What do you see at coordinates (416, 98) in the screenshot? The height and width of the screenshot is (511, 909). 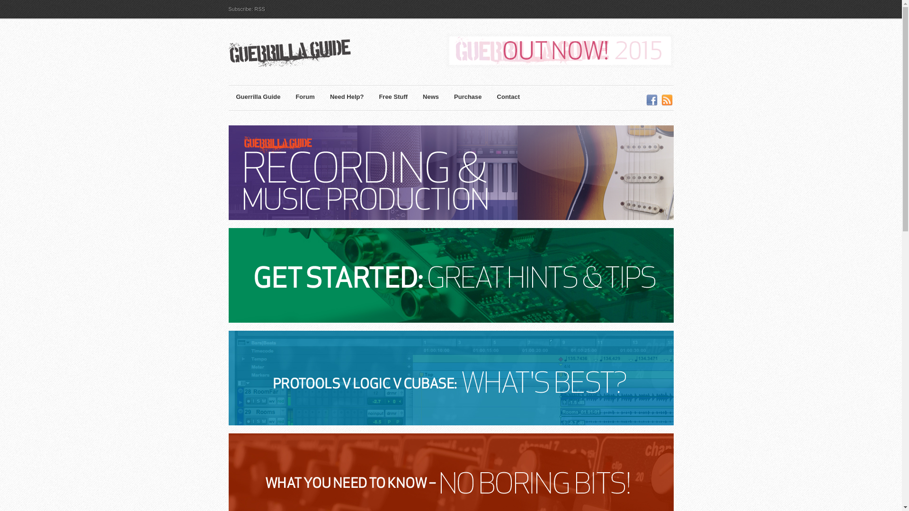 I see `'News'` at bounding box center [416, 98].